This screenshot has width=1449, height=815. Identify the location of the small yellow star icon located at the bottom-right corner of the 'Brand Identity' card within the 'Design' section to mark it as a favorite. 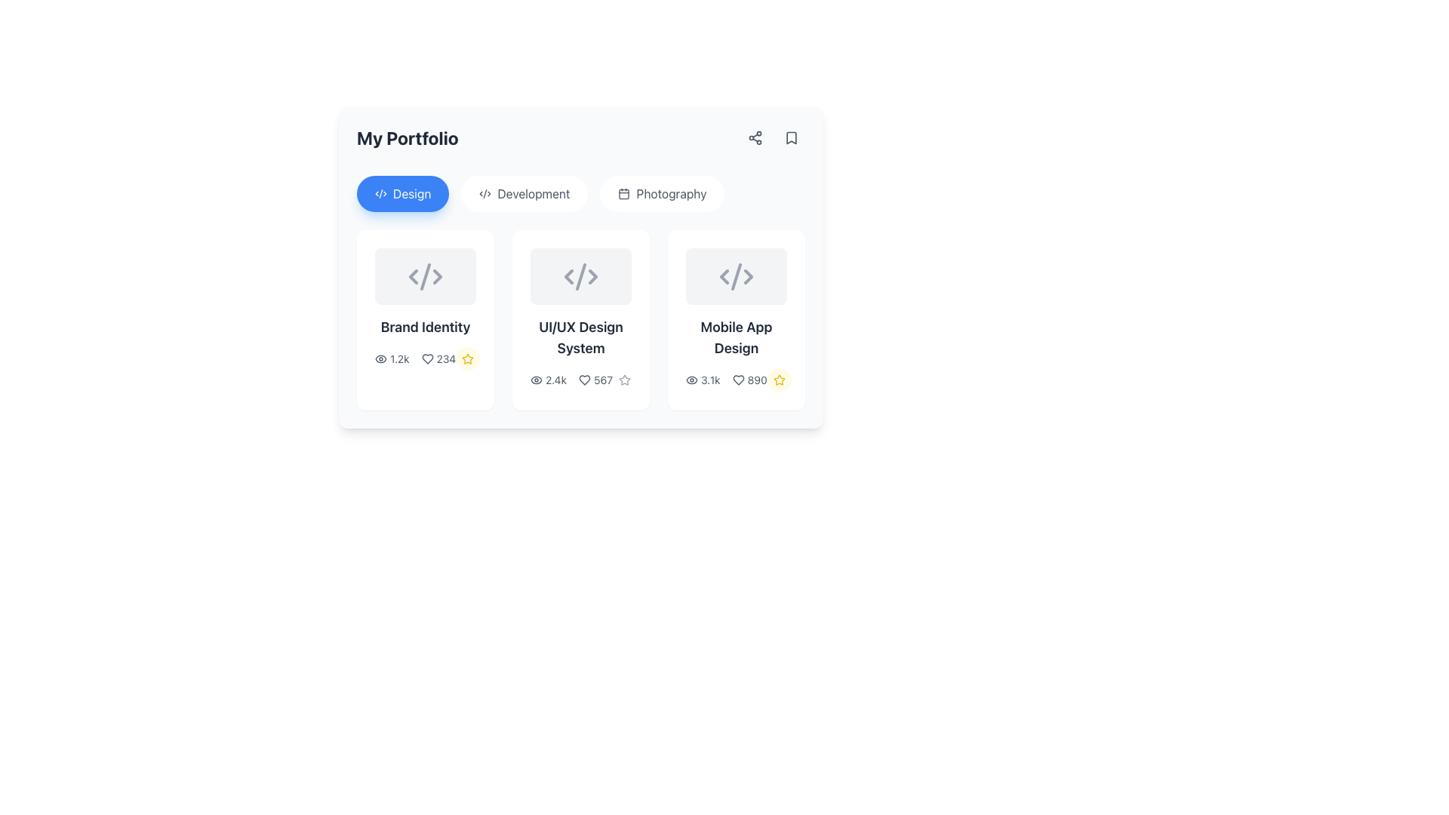
(467, 359).